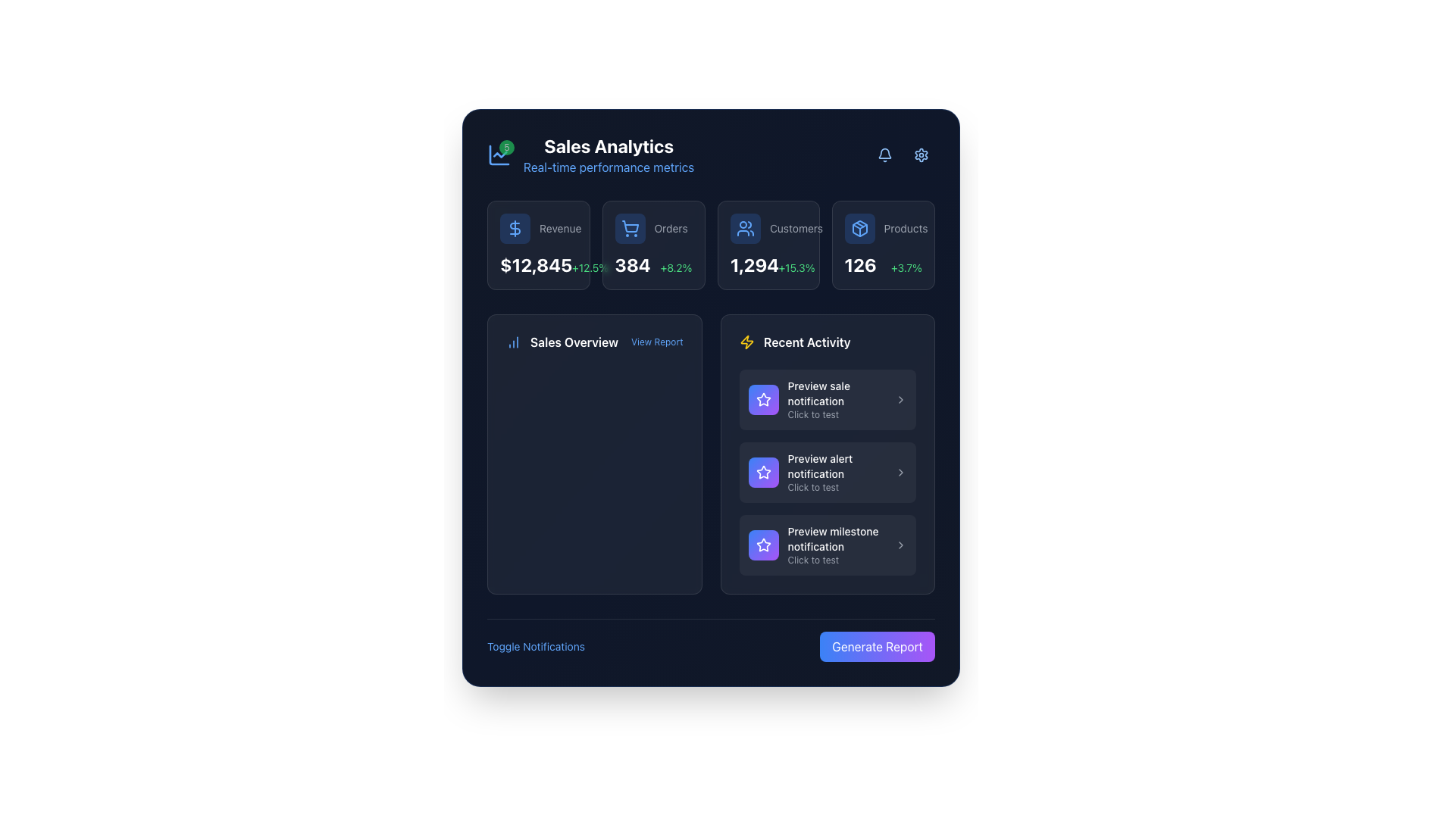 The width and height of the screenshot is (1455, 818). I want to click on the text label displaying 'Real-time performance metrics' in light blue, located beneath the 'Sales Analytics' title in the header area, so click(609, 167).